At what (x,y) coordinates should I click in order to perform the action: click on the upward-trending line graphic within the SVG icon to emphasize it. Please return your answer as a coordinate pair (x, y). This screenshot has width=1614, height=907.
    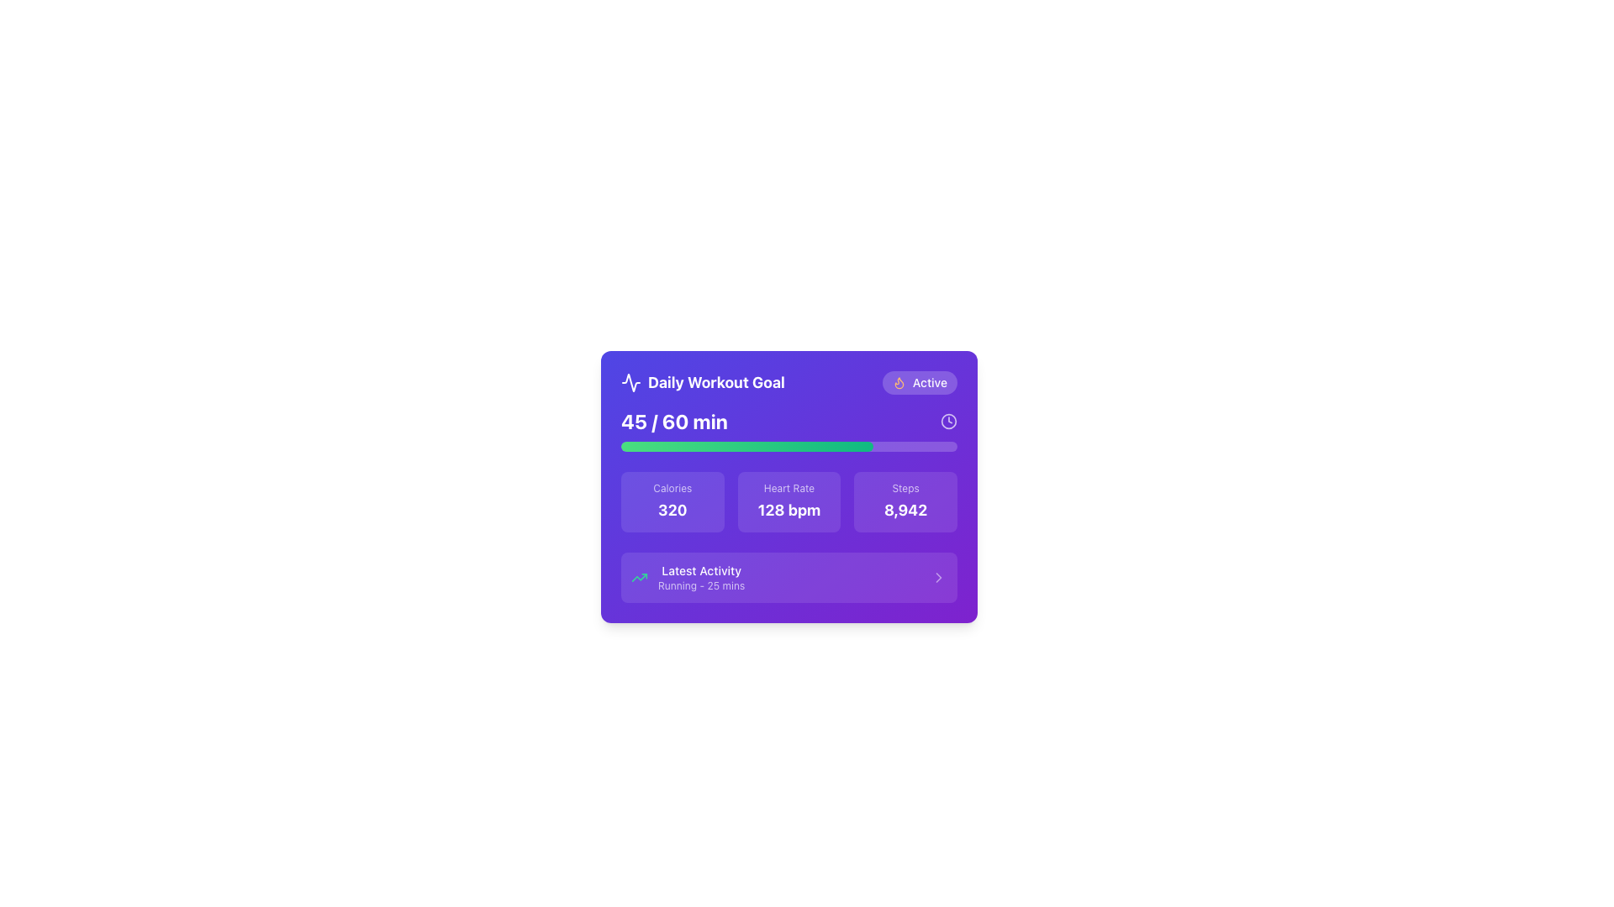
    Looking at the image, I should click on (639, 576).